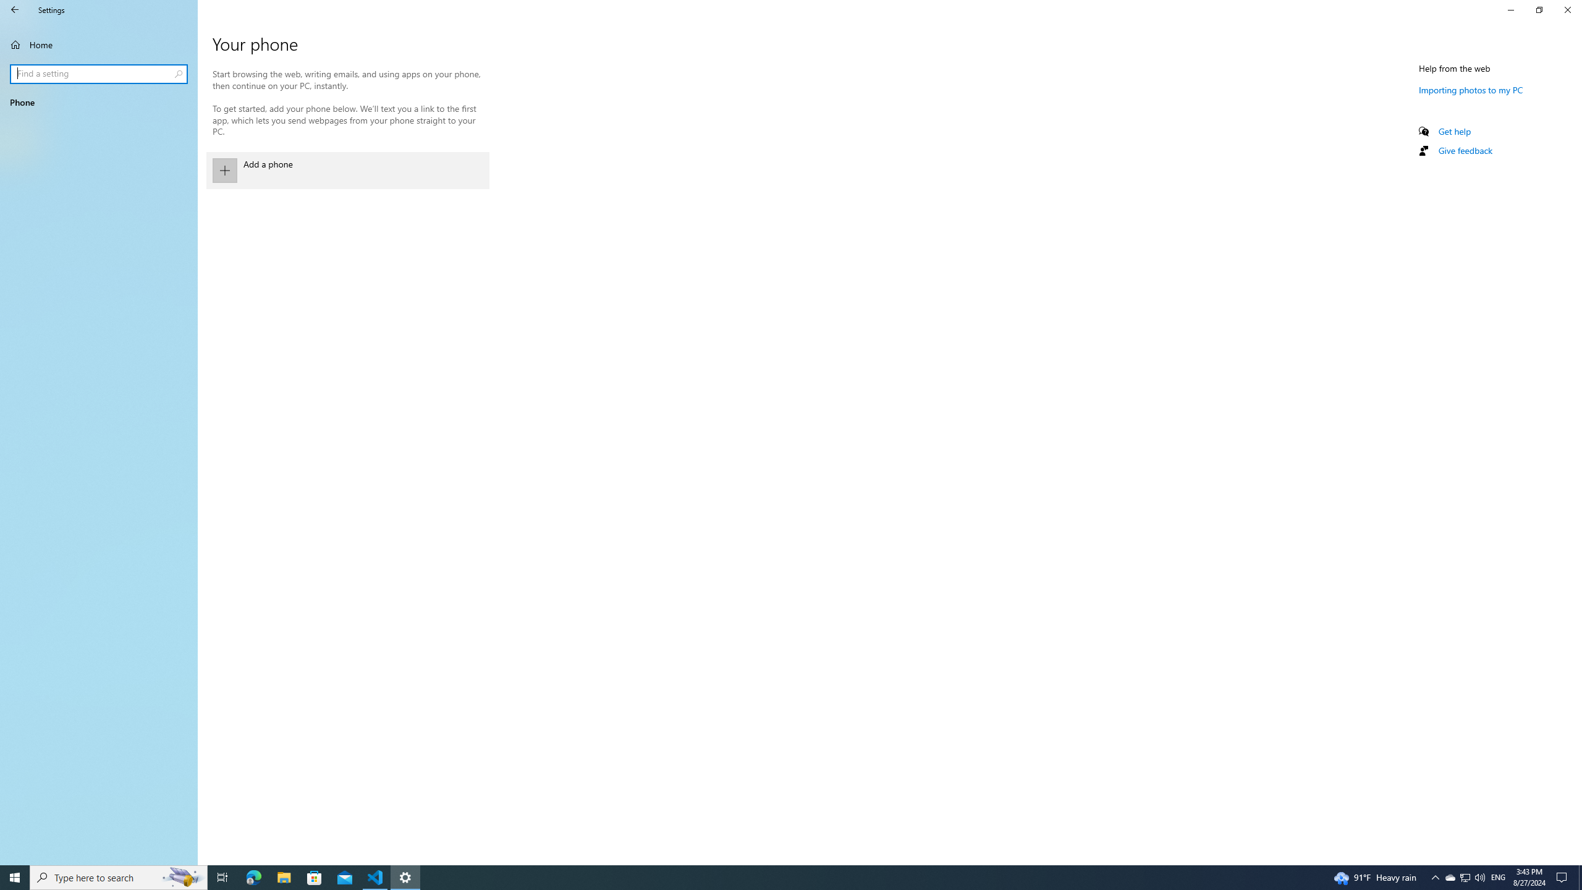 This screenshot has height=890, width=1582. What do you see at coordinates (1498, 876) in the screenshot?
I see `'Tray Input Indicator - English (United States)'` at bounding box center [1498, 876].